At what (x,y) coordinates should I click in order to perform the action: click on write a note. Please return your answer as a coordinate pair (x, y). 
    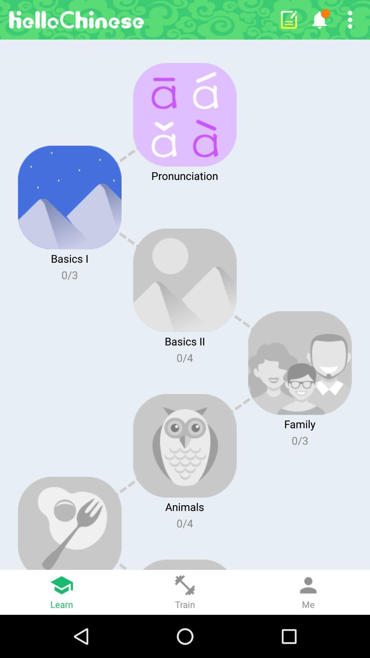
    Looking at the image, I should click on (289, 20).